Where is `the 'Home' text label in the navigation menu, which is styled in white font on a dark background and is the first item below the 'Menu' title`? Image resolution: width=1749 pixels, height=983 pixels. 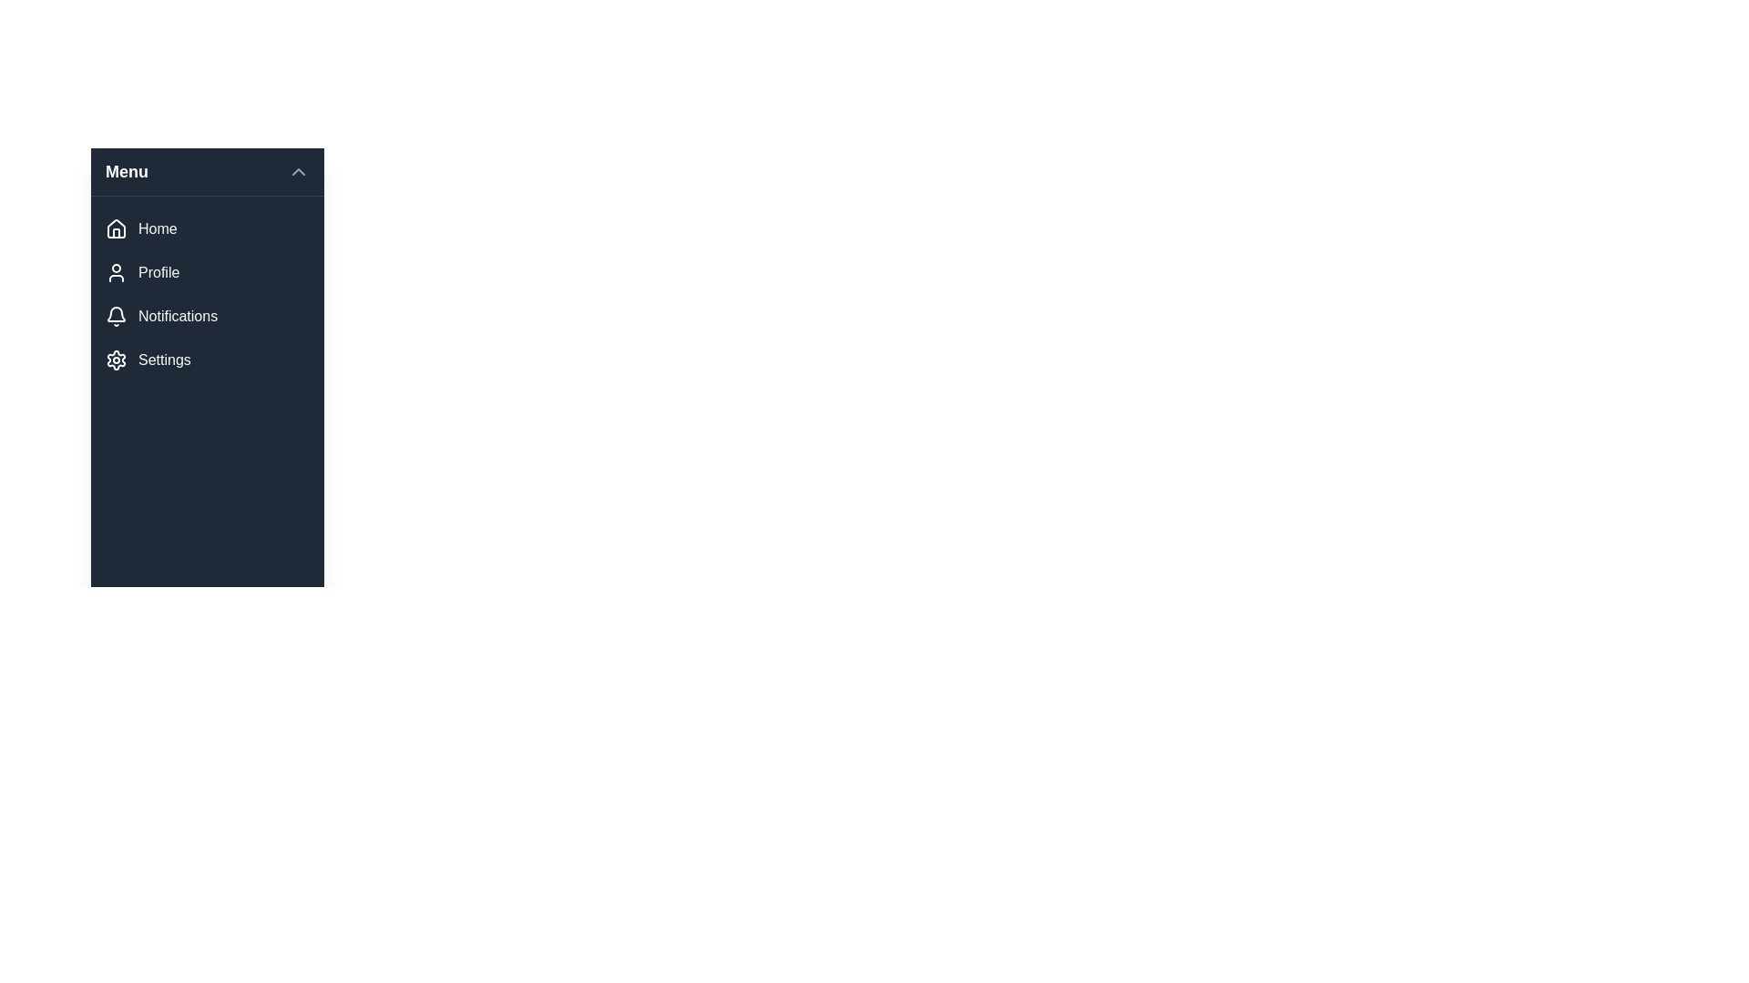
the 'Home' text label in the navigation menu, which is styled in white font on a dark background and is the first item below the 'Menu' title is located at coordinates (158, 228).